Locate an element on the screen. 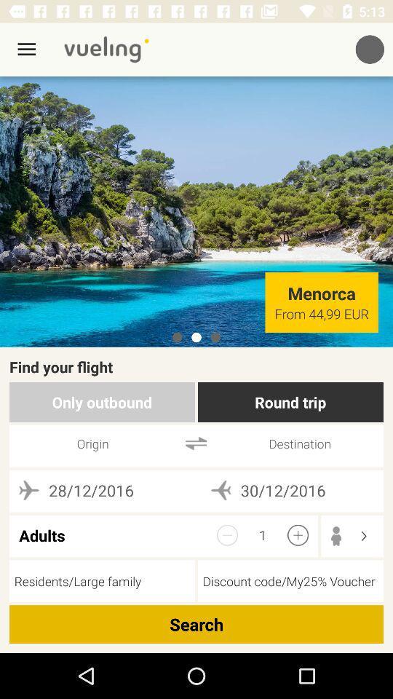  round trip icon is located at coordinates (290, 402).